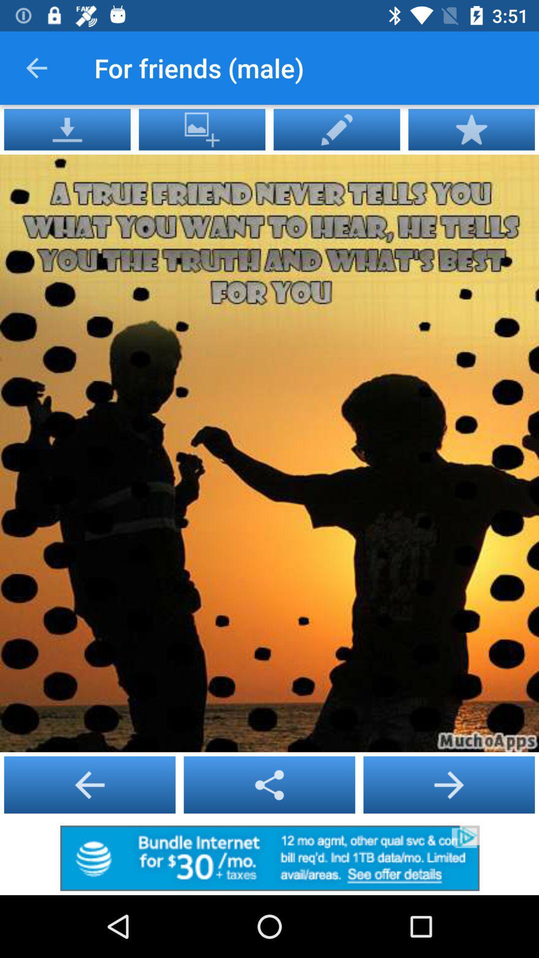 The height and width of the screenshot is (958, 539). I want to click on the add icon, so click(90, 784).